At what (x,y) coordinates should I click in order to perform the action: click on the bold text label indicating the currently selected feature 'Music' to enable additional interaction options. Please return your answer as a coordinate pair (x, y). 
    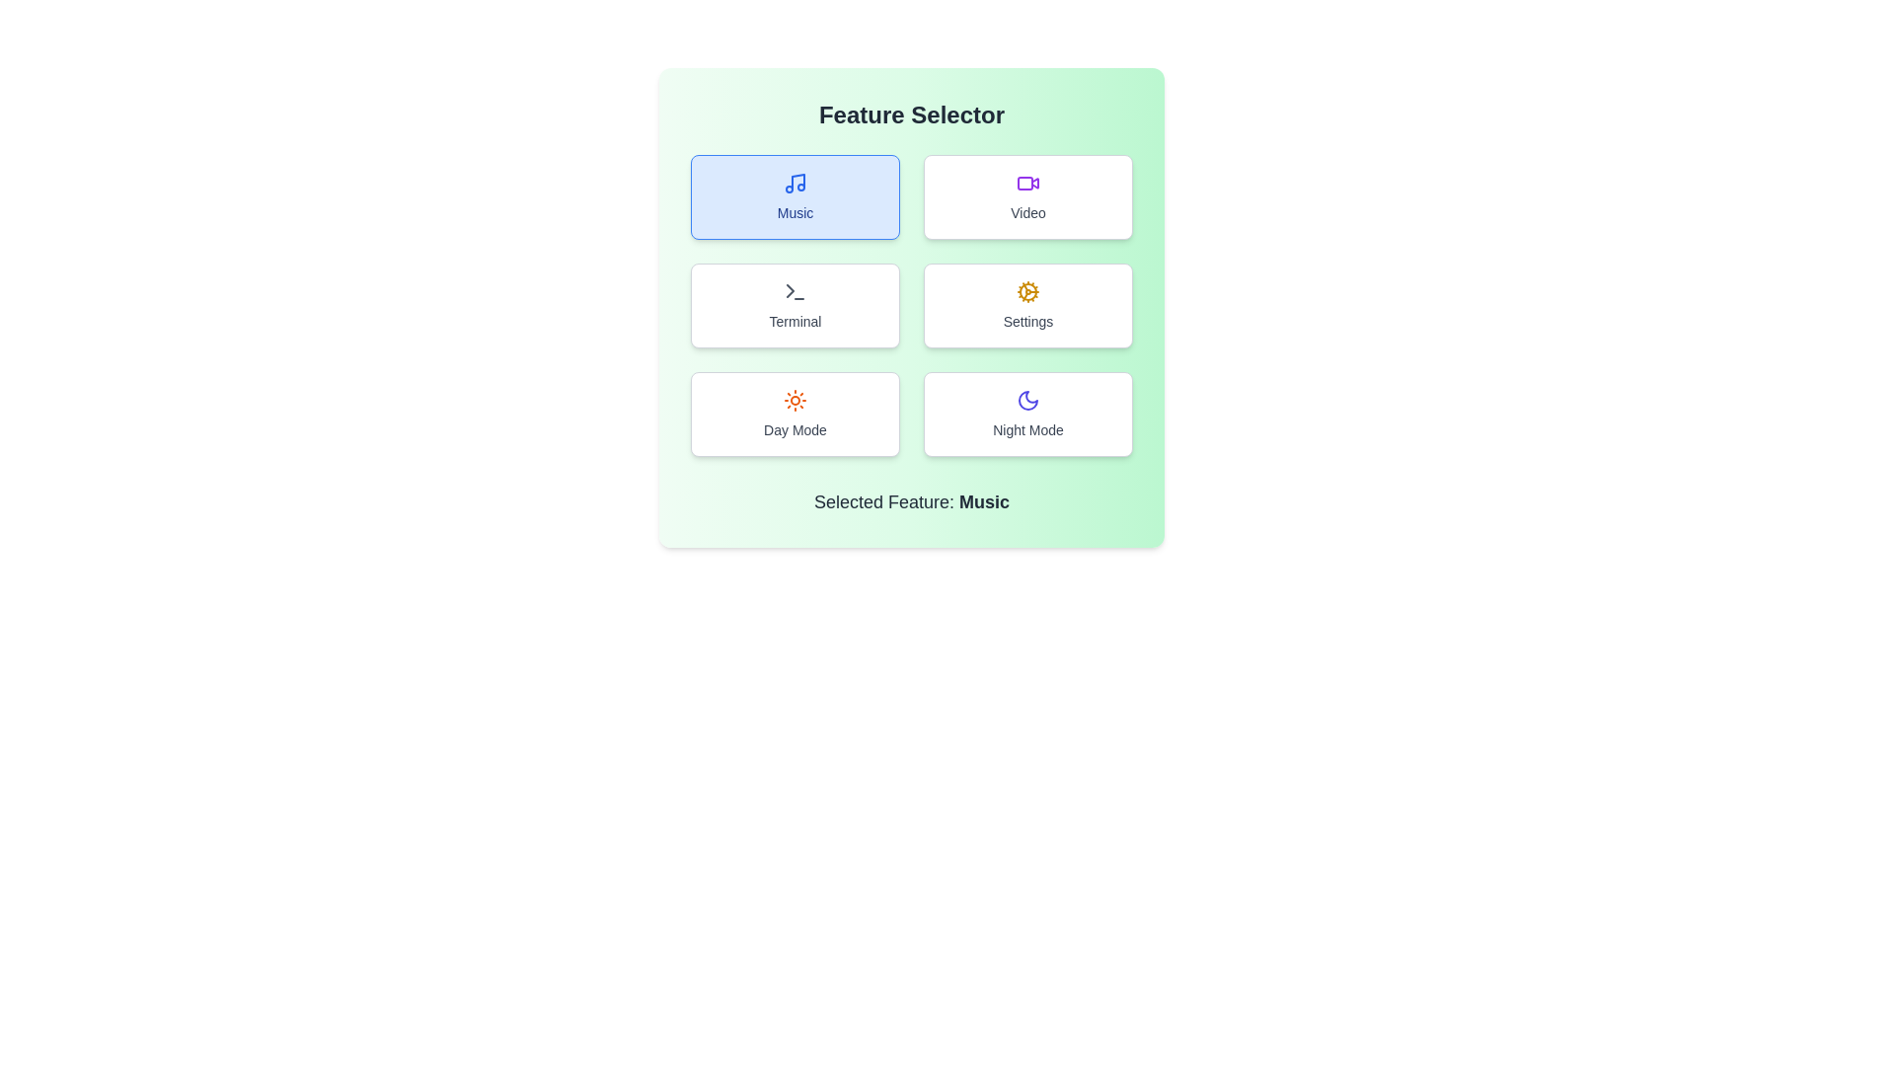
    Looking at the image, I should click on (984, 501).